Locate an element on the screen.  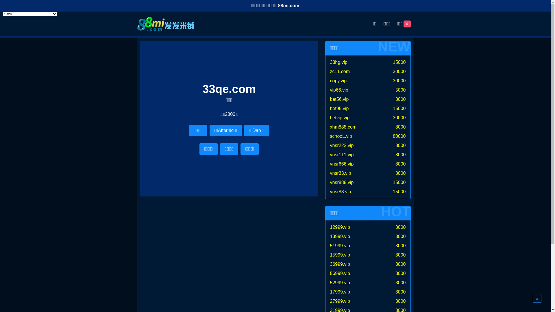
'52999.vip' is located at coordinates (340, 282).